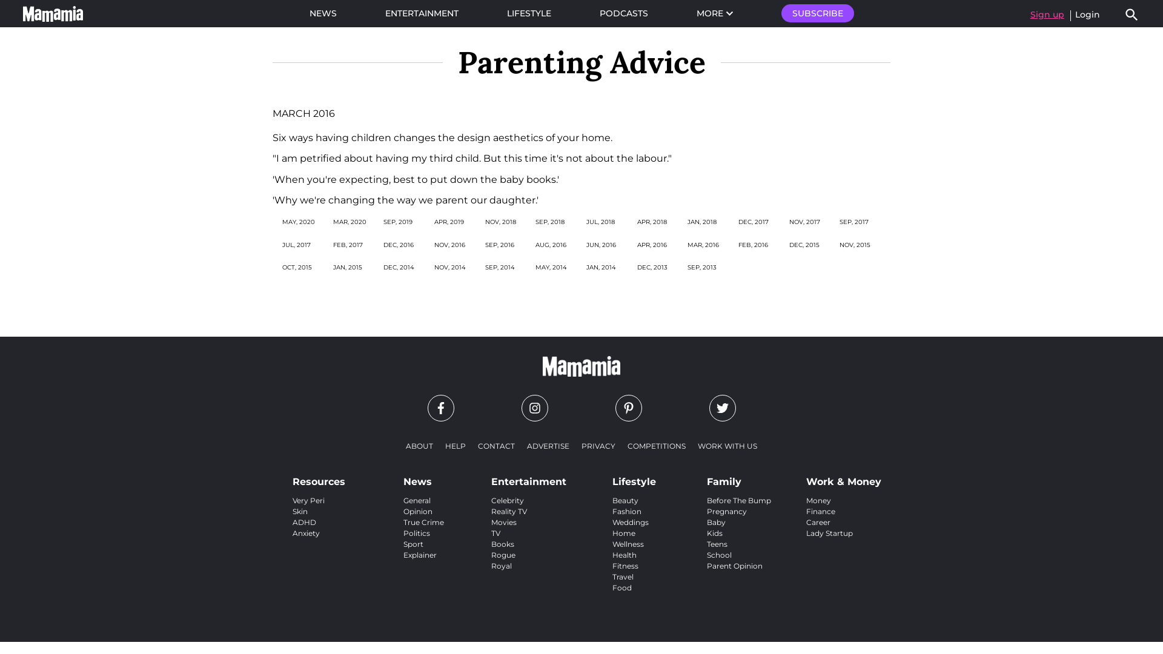 The image size is (1163, 654). What do you see at coordinates (420, 555) in the screenshot?
I see `'Explainer'` at bounding box center [420, 555].